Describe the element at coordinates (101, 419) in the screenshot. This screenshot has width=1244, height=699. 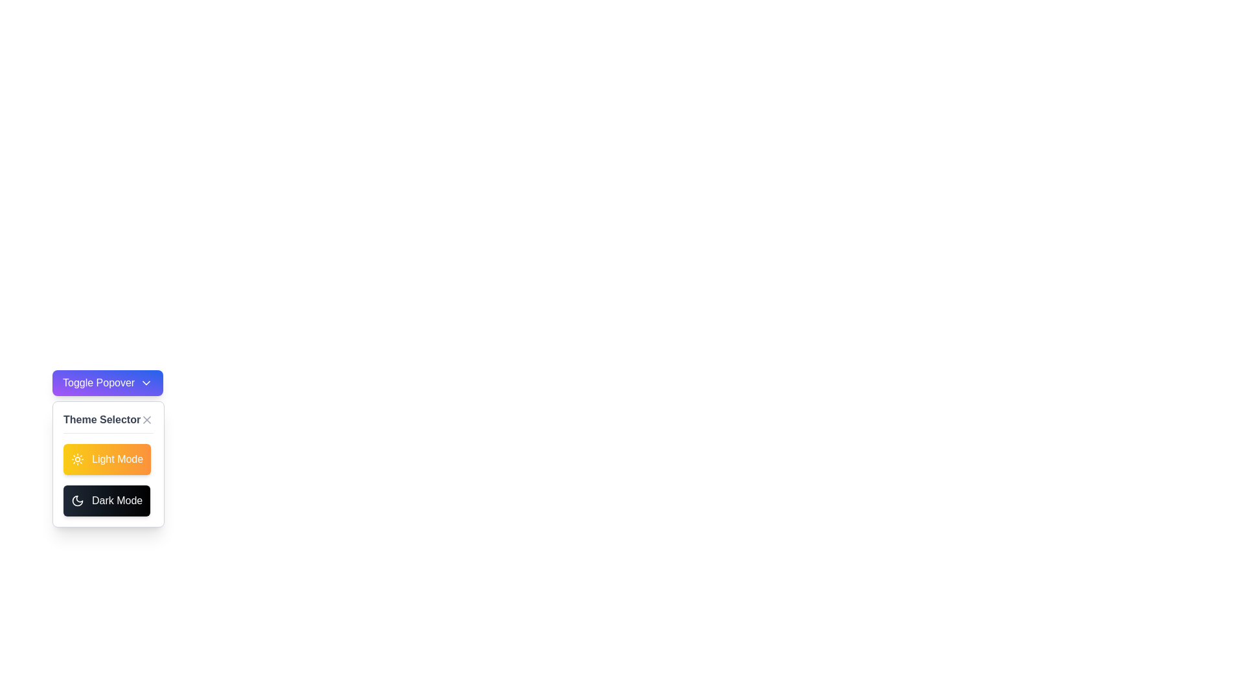
I see `text label located at the top-left corner of the dropdown content panel, which serves as a title for the dropdown options` at that location.